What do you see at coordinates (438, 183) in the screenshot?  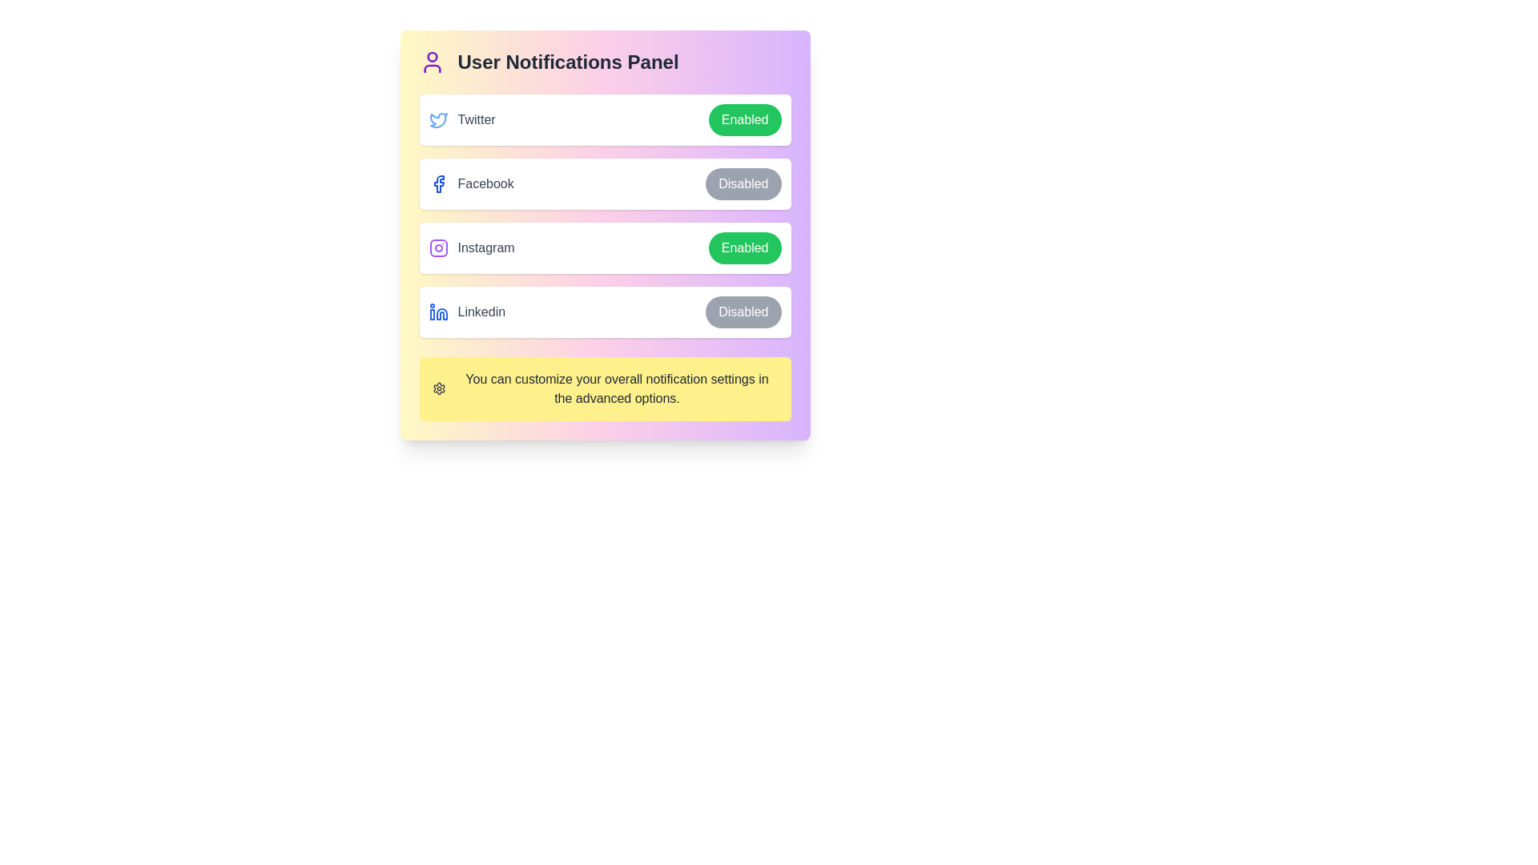 I see `the Facebook SVG icon located in the User Notifications Panel to highlight or interact with surrounding elements` at bounding box center [438, 183].